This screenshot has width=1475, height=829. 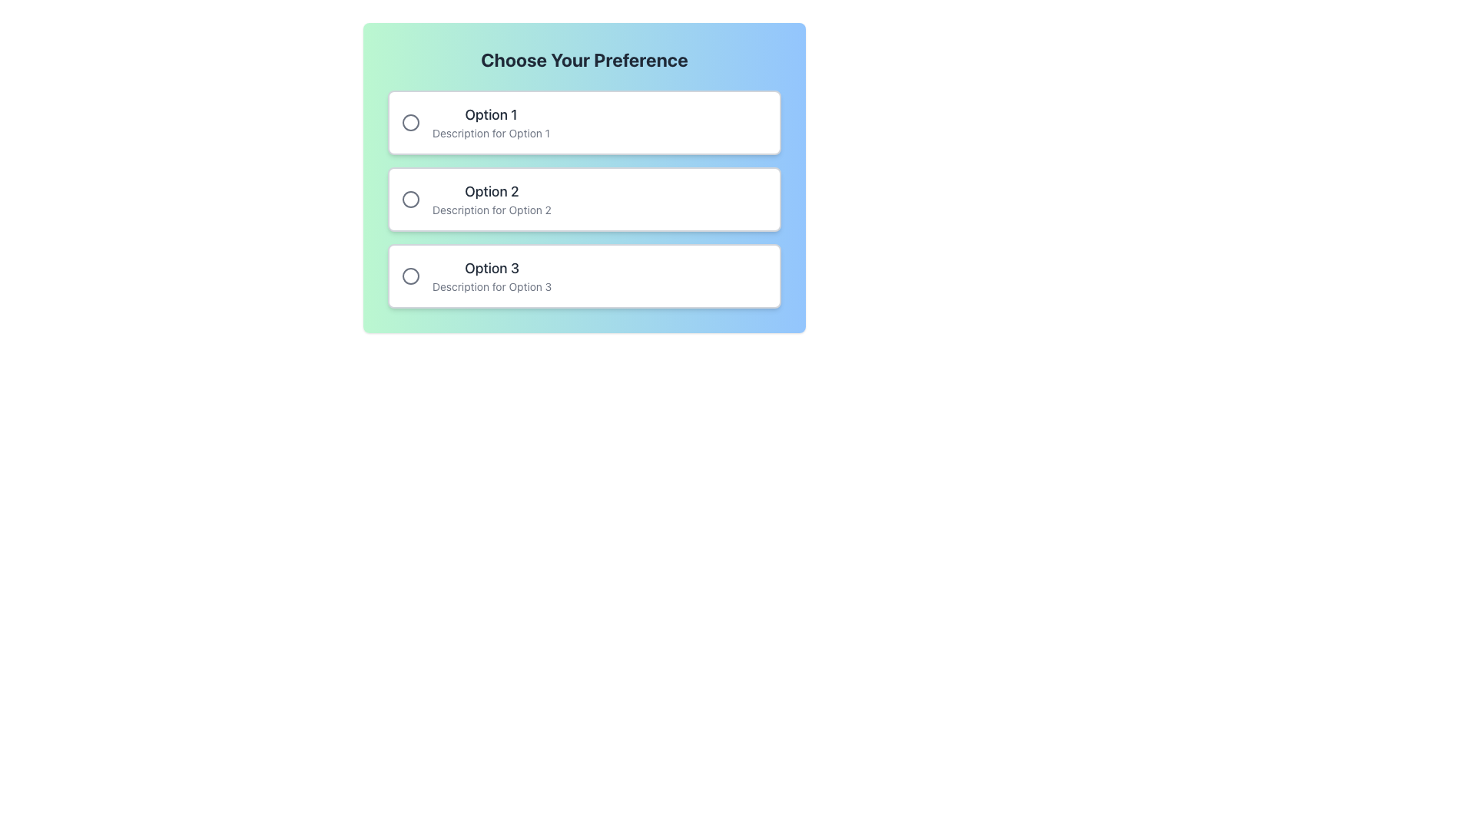 I want to click on static text element positioned beneath the 'Option 1' label in the vertically aligned option group, so click(x=490, y=132).